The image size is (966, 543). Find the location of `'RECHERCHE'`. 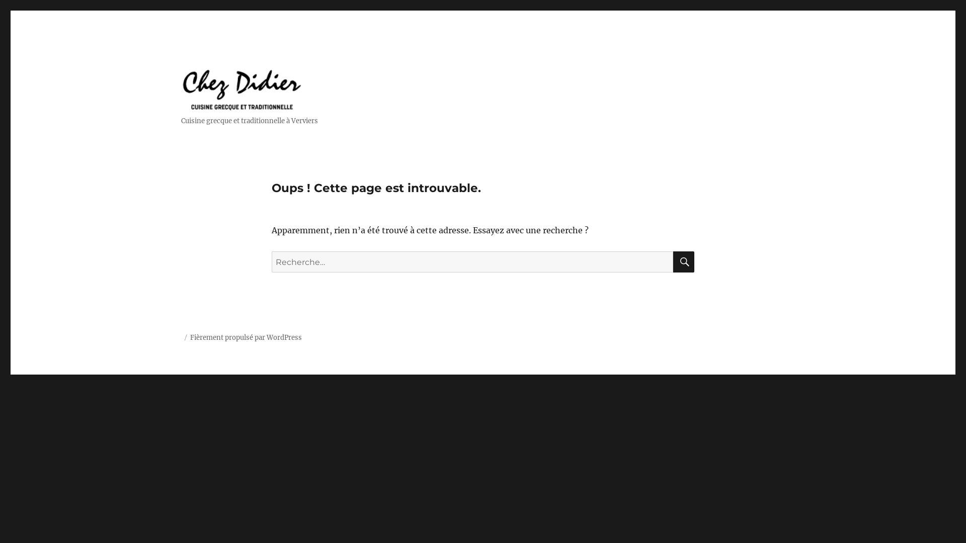

'RECHERCHE' is located at coordinates (683, 261).